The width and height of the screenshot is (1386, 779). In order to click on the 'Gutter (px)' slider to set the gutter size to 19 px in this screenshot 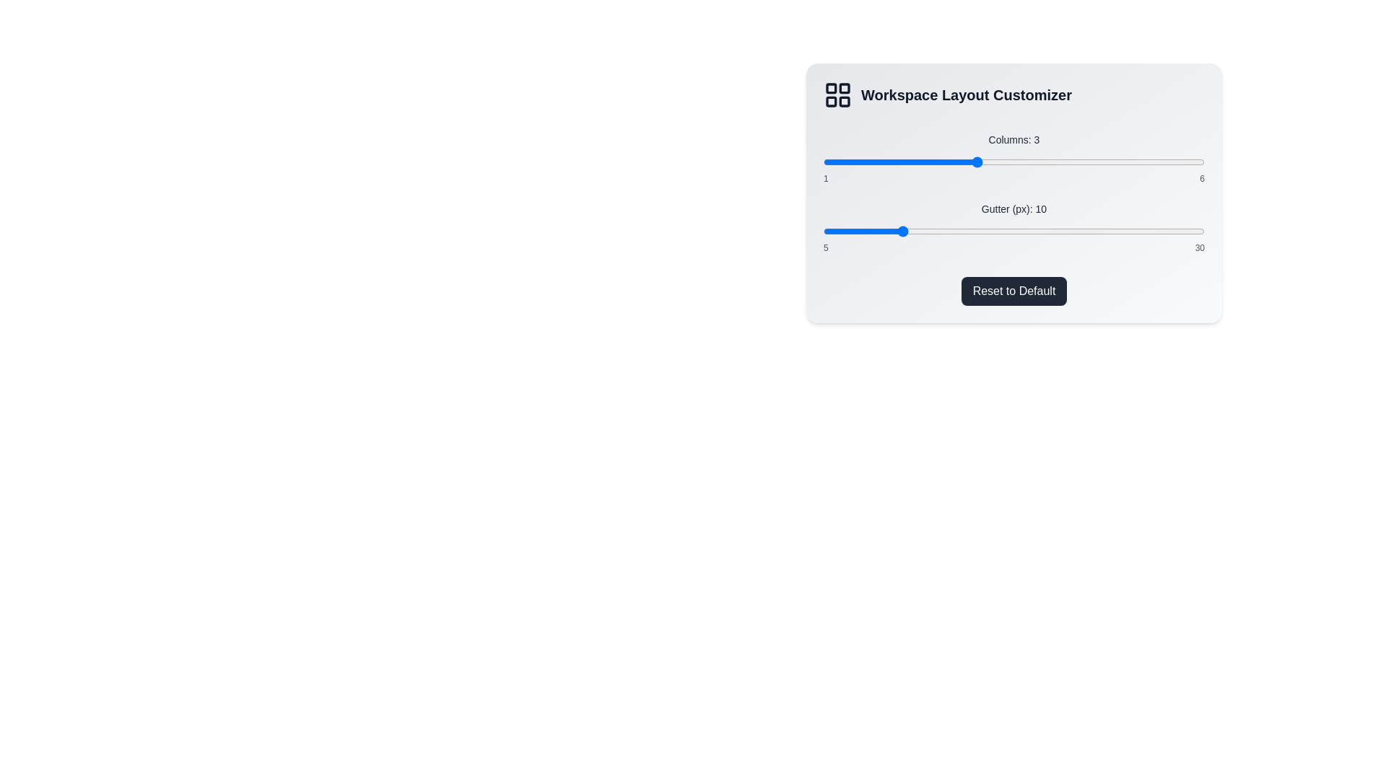, I will do `click(1036, 230)`.